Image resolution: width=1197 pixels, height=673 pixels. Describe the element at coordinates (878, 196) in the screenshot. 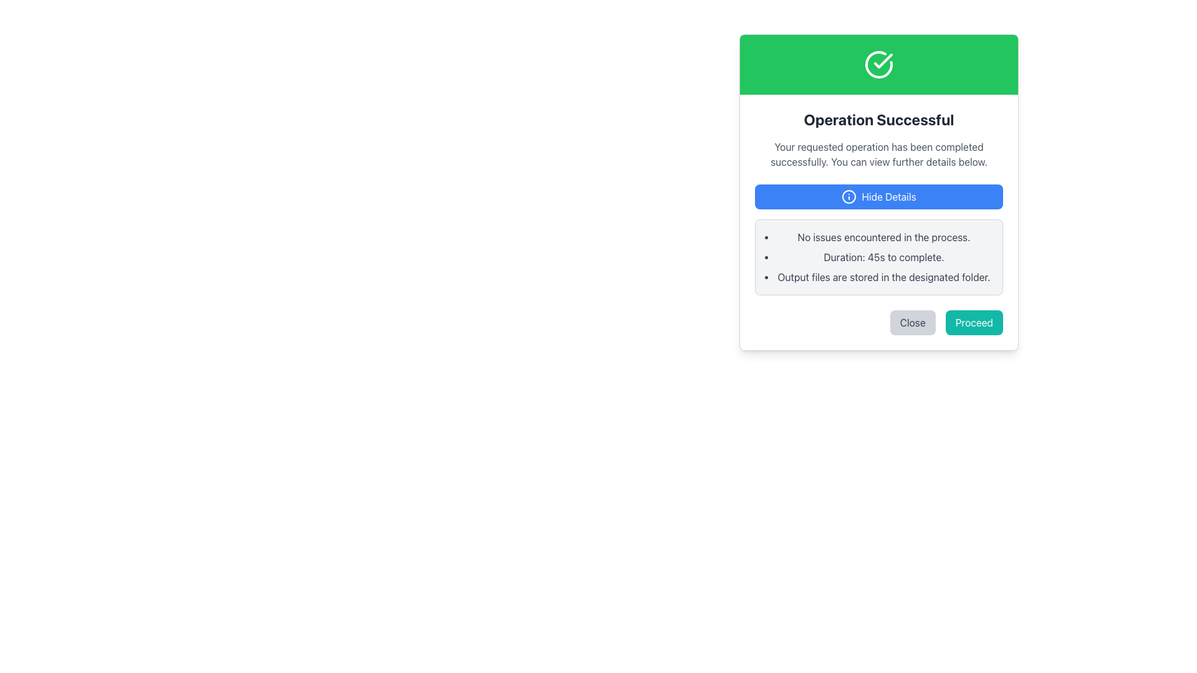

I see `the rectangular button with a blue background labeled 'Hide Details' to observe the visual highlight effect` at that location.